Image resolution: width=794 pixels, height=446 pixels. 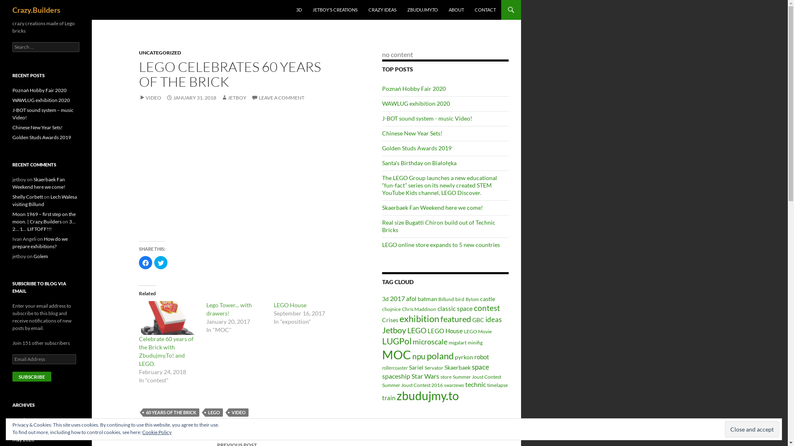 What do you see at coordinates (160, 52) in the screenshot?
I see `'UNCATEGORIZED'` at bounding box center [160, 52].